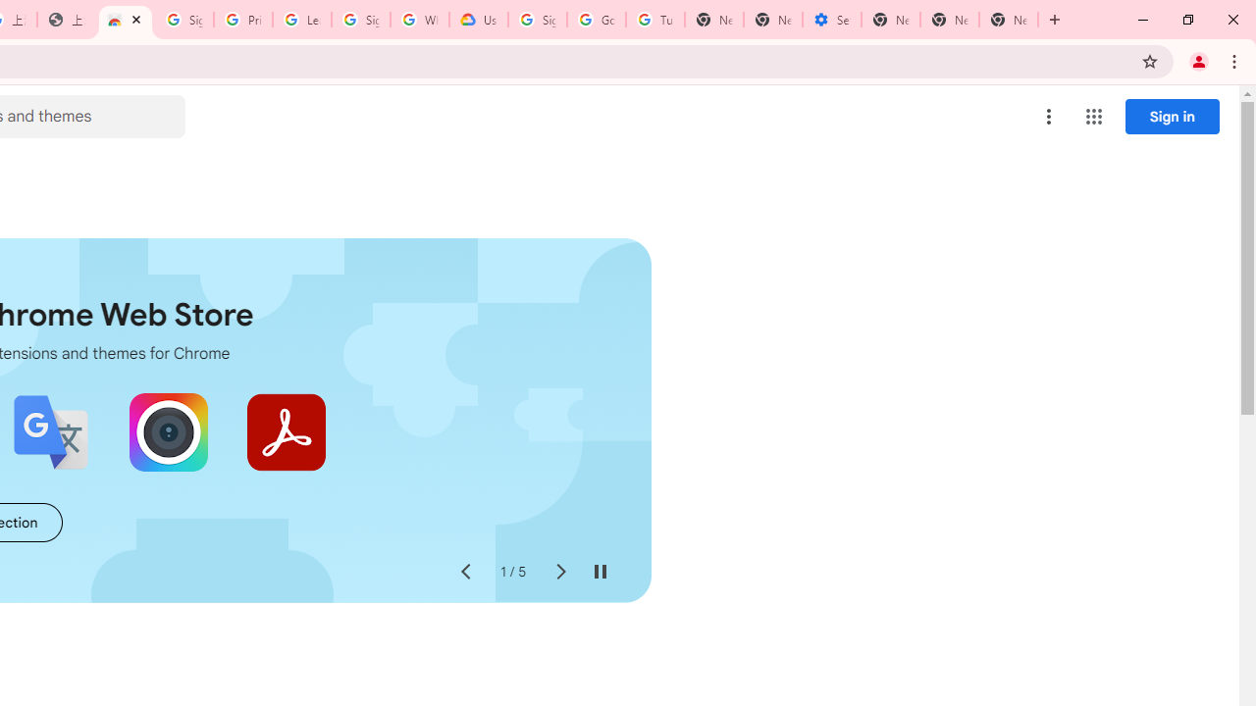 Image resolution: width=1256 pixels, height=706 pixels. Describe the element at coordinates (1048, 117) in the screenshot. I see `'More options menu'` at that location.